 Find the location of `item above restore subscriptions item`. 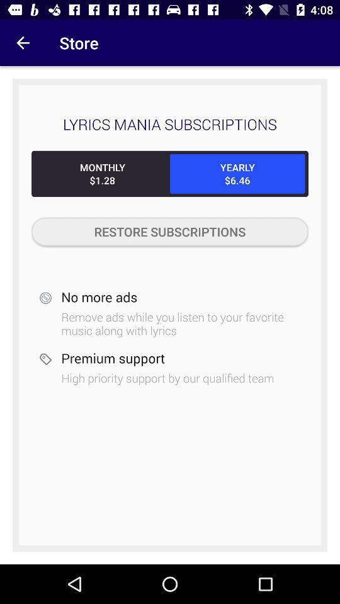

item above restore subscriptions item is located at coordinates (101, 173).